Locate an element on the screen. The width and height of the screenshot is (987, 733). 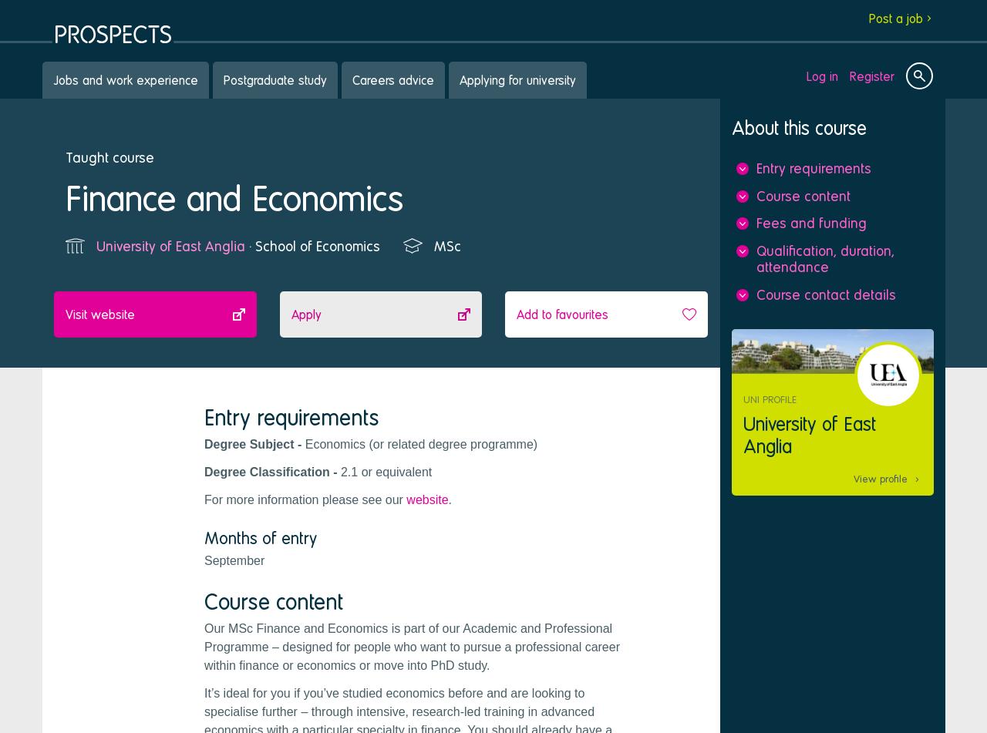
'Taught course' is located at coordinates (109, 156).